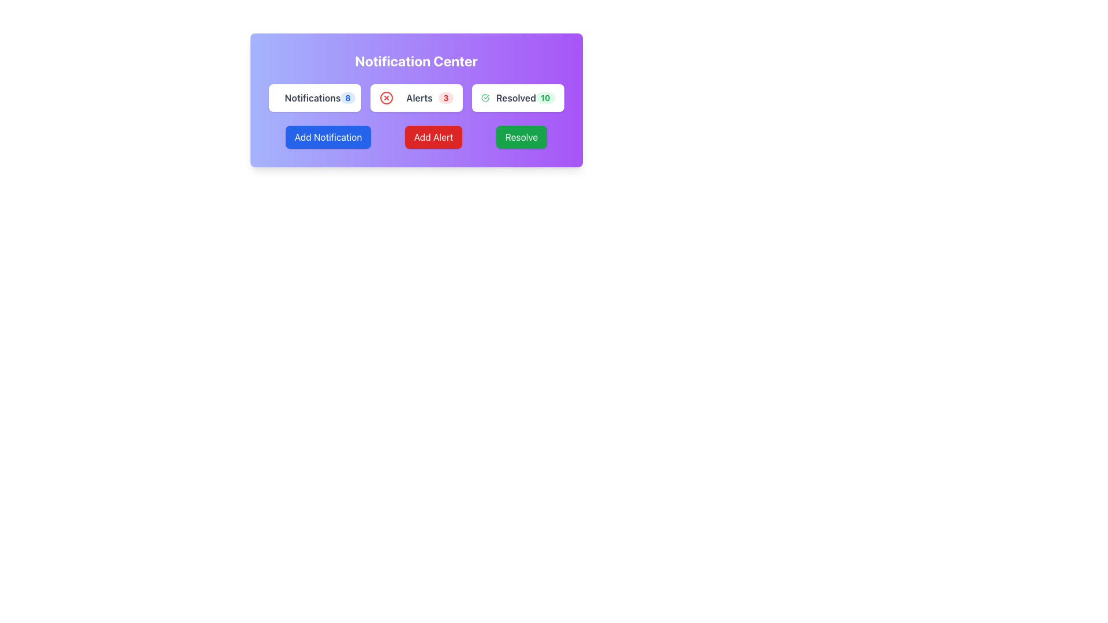 The width and height of the screenshot is (1108, 623). I want to click on the circular graphic element with a thin black stroke that is part of the alert cross sign in the 'Alerts' box, so click(386, 97).